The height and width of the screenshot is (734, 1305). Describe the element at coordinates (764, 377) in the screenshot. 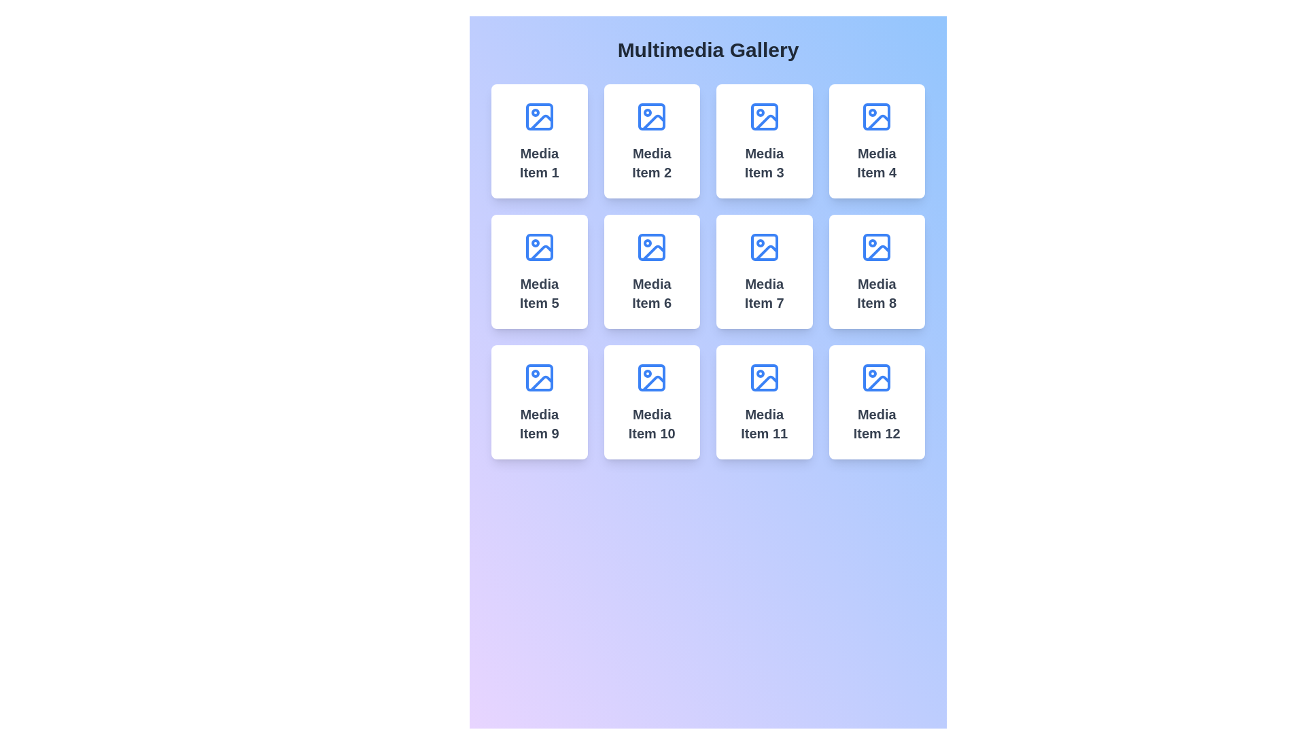

I see `the rectangular shape with rounded corners that serves as an image or icon placeholder within 'Media Item 11' in the multimedia gallery grid` at that location.